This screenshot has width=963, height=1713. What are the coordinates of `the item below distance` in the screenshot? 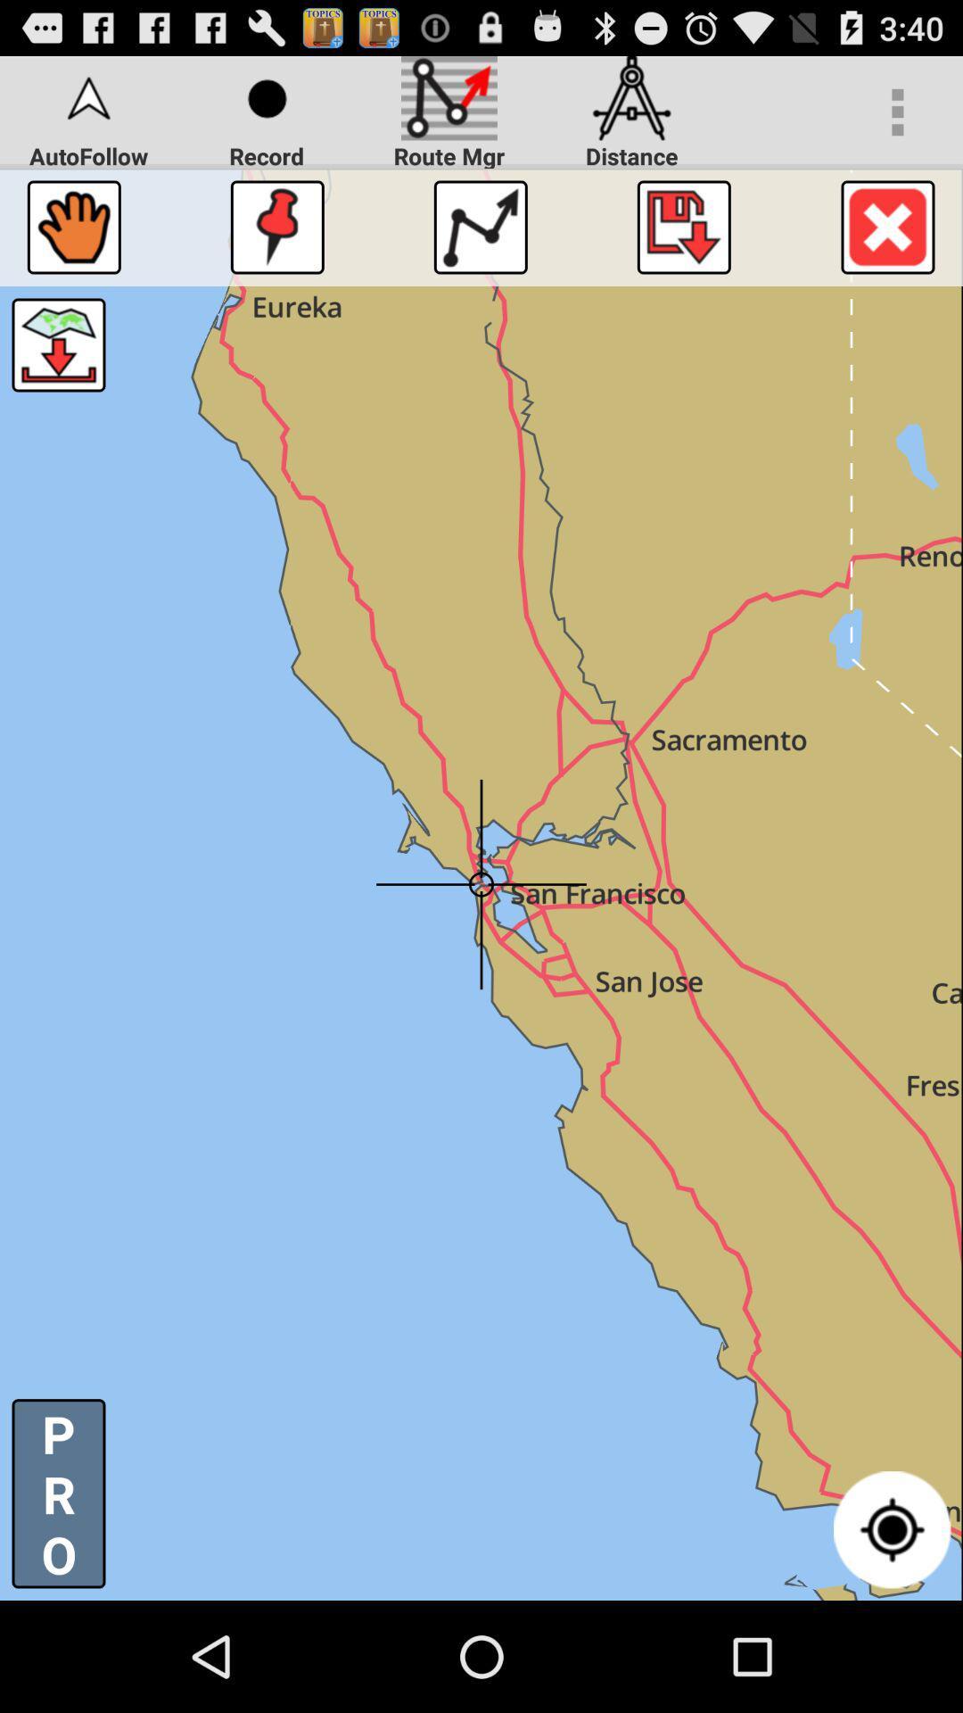 It's located at (683, 226).